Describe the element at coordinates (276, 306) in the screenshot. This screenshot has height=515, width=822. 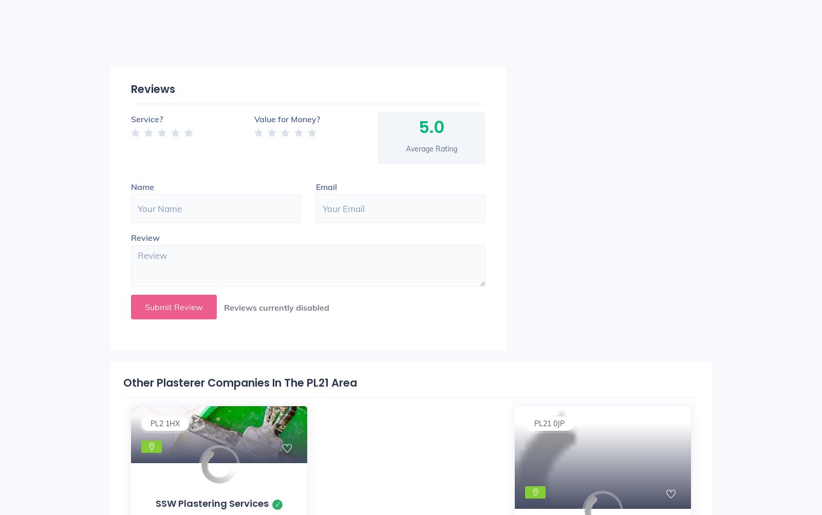
I see `'Reviews currently disabled'` at that location.